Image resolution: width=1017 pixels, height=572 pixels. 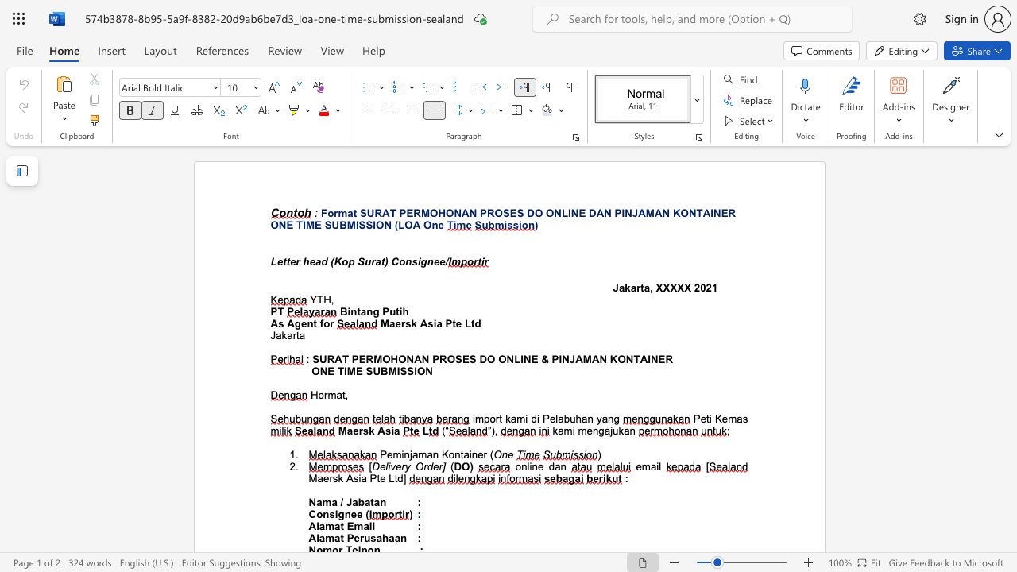 I want to click on the space between the continuous character "B" and "i" in the text, so click(x=346, y=311).